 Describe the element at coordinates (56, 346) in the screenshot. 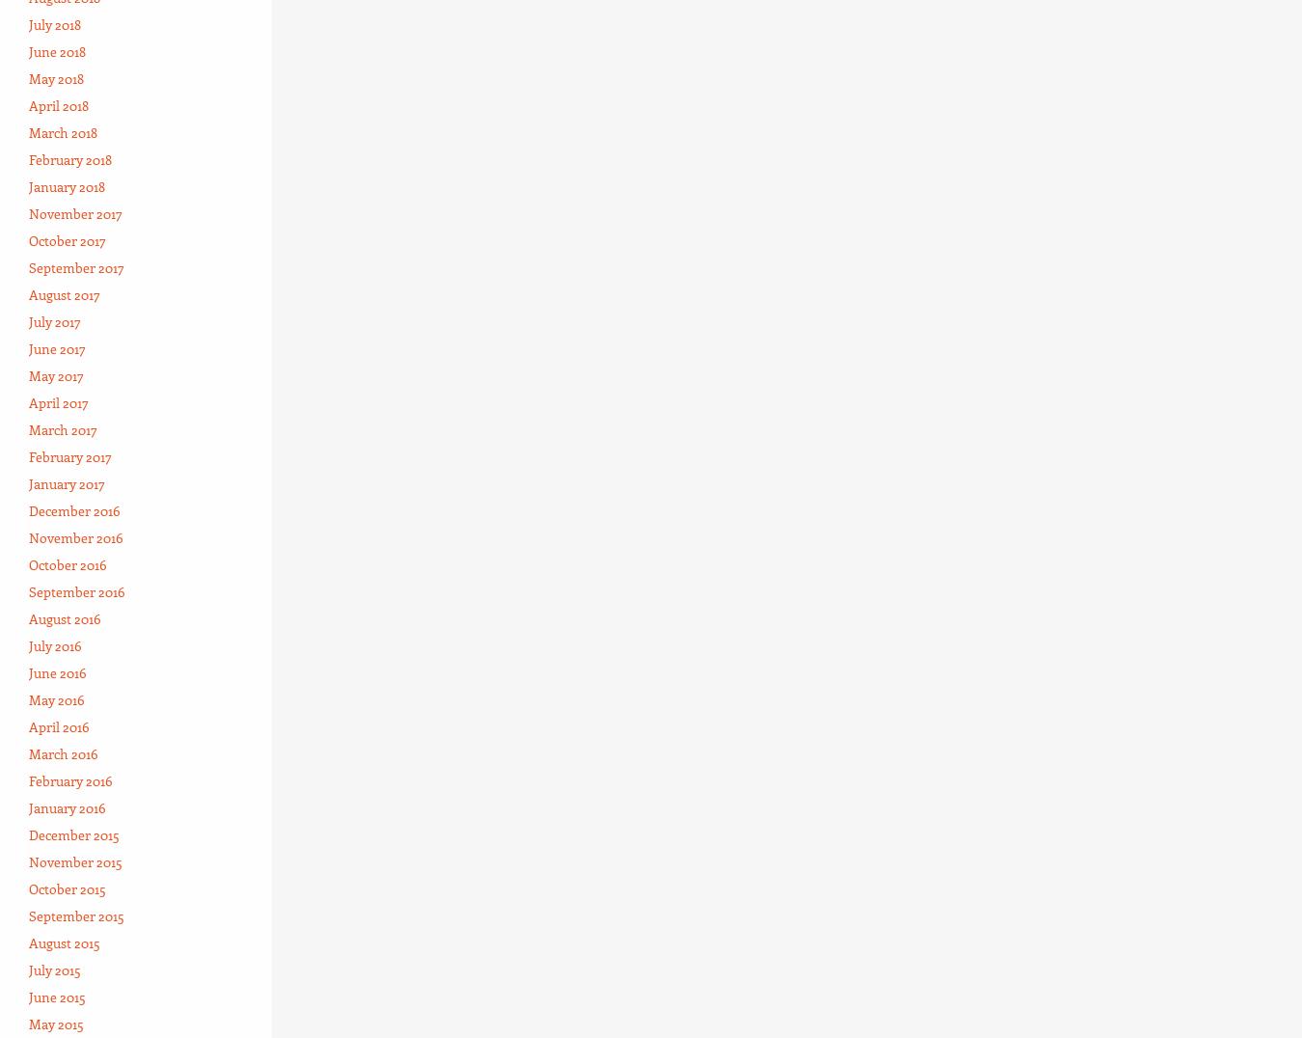

I see `'June 2017'` at that location.